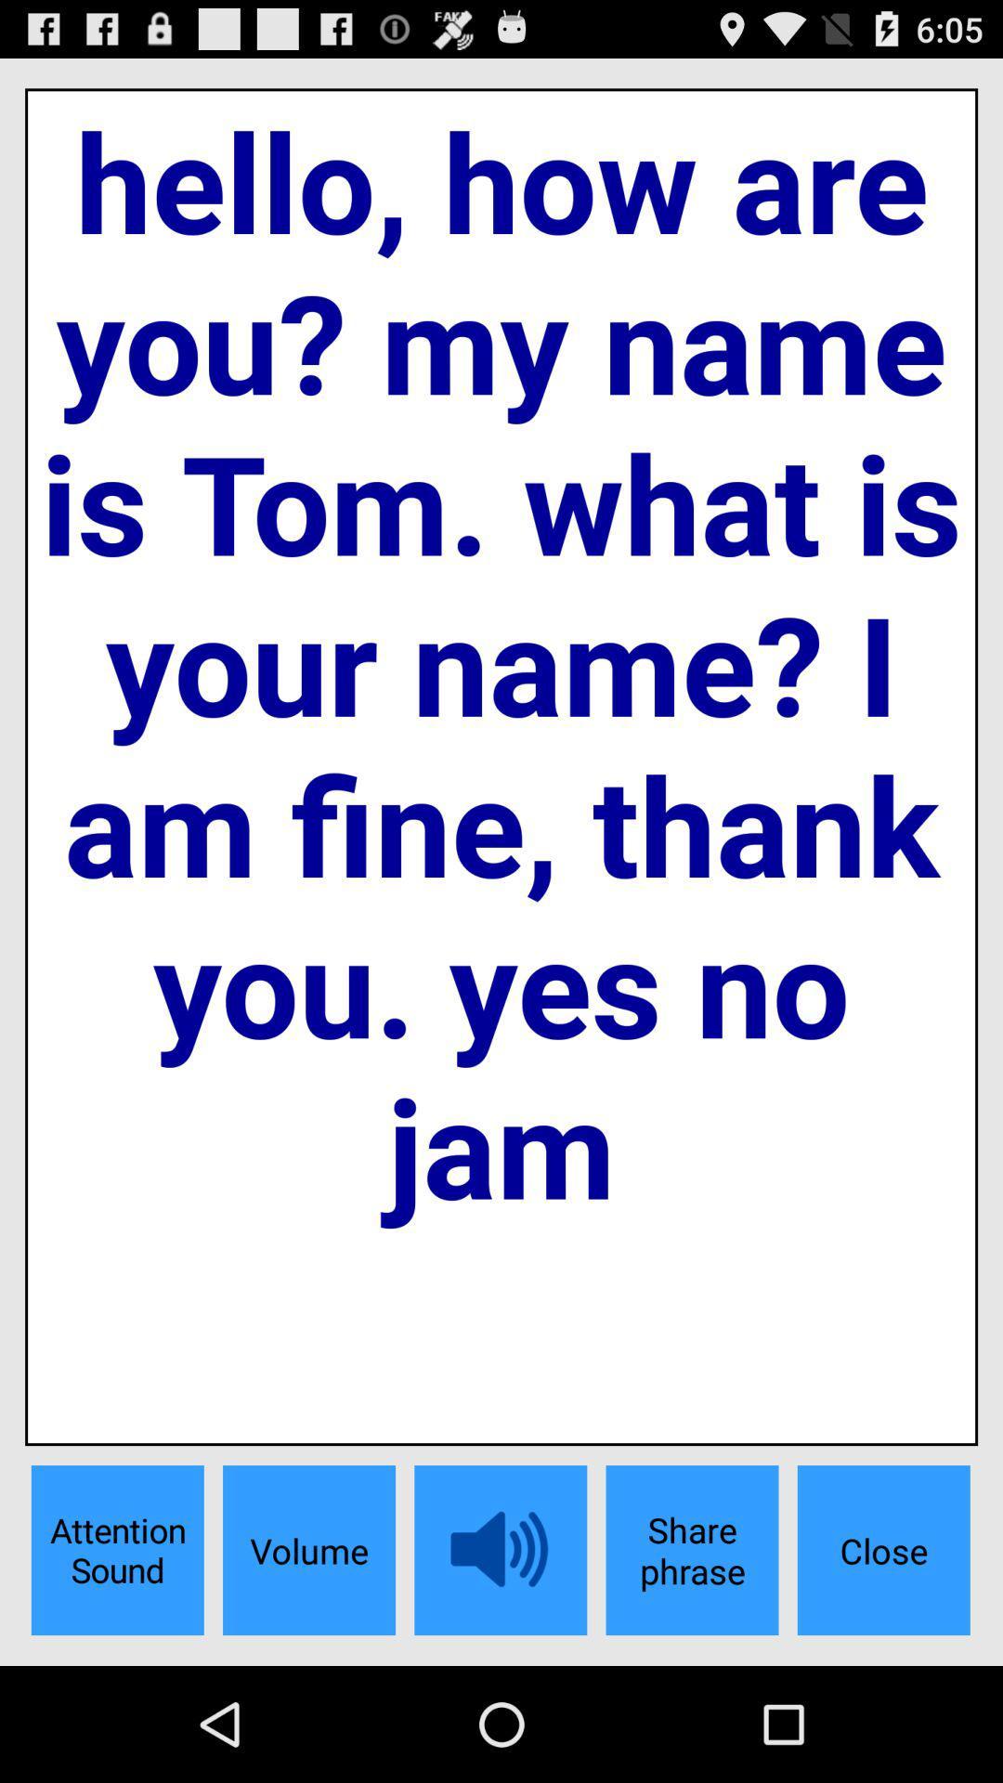  What do you see at coordinates (882, 1550) in the screenshot?
I see `the item to the right of the share` at bounding box center [882, 1550].